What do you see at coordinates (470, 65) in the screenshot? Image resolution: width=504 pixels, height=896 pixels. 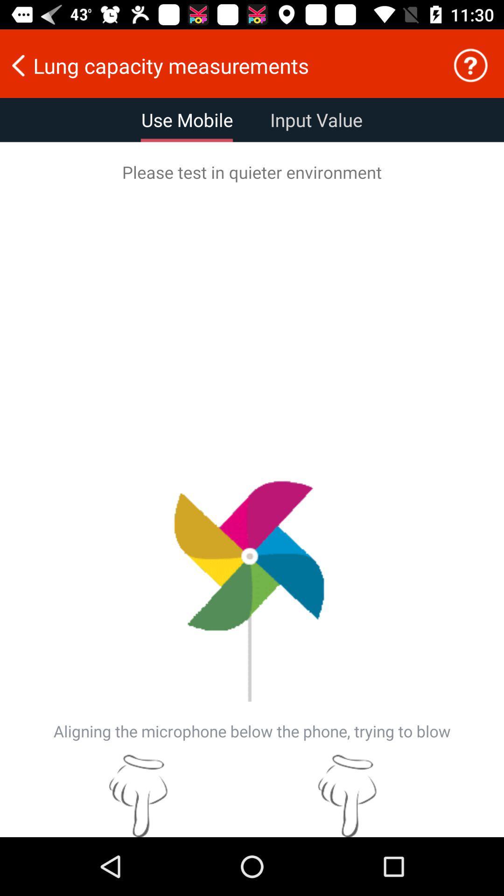 I see `item to the right of lung capacity measurements icon` at bounding box center [470, 65].